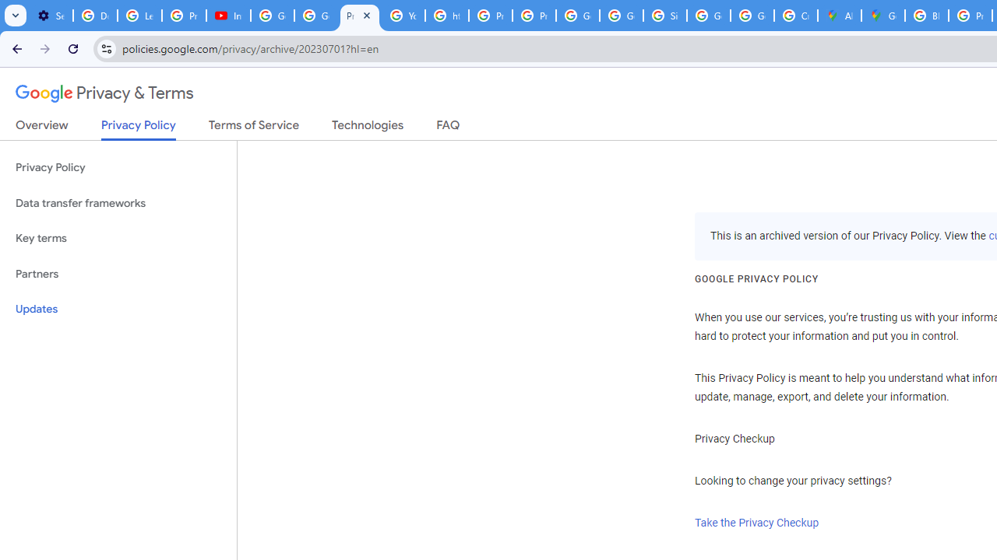 The image size is (997, 560). I want to click on 'Introduction | Google Privacy Policy - YouTube', so click(227, 16).